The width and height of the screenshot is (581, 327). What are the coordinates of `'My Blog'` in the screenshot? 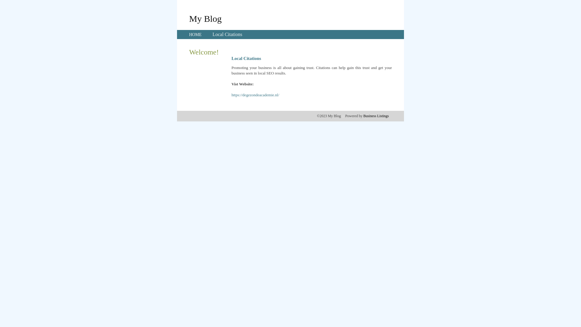 It's located at (205, 18).